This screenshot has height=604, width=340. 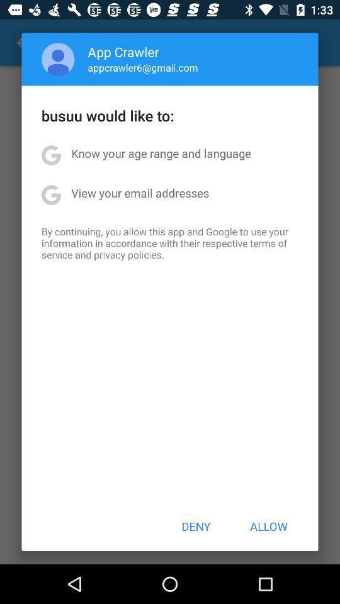 What do you see at coordinates (161, 152) in the screenshot?
I see `the icon above the view your email item` at bounding box center [161, 152].